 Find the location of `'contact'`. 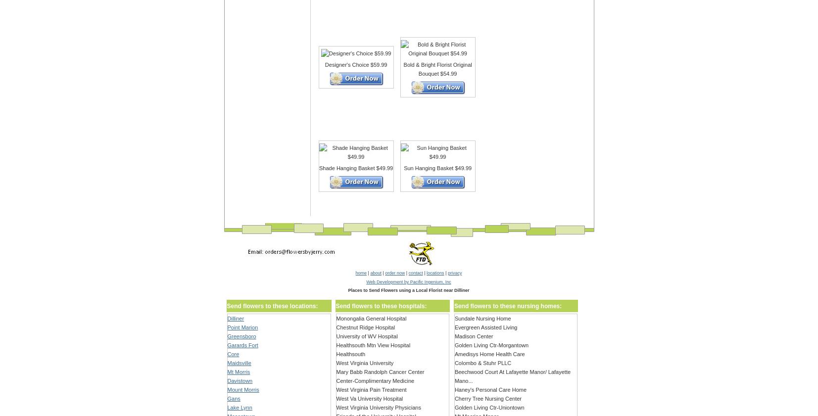

'contact' is located at coordinates (408, 273).